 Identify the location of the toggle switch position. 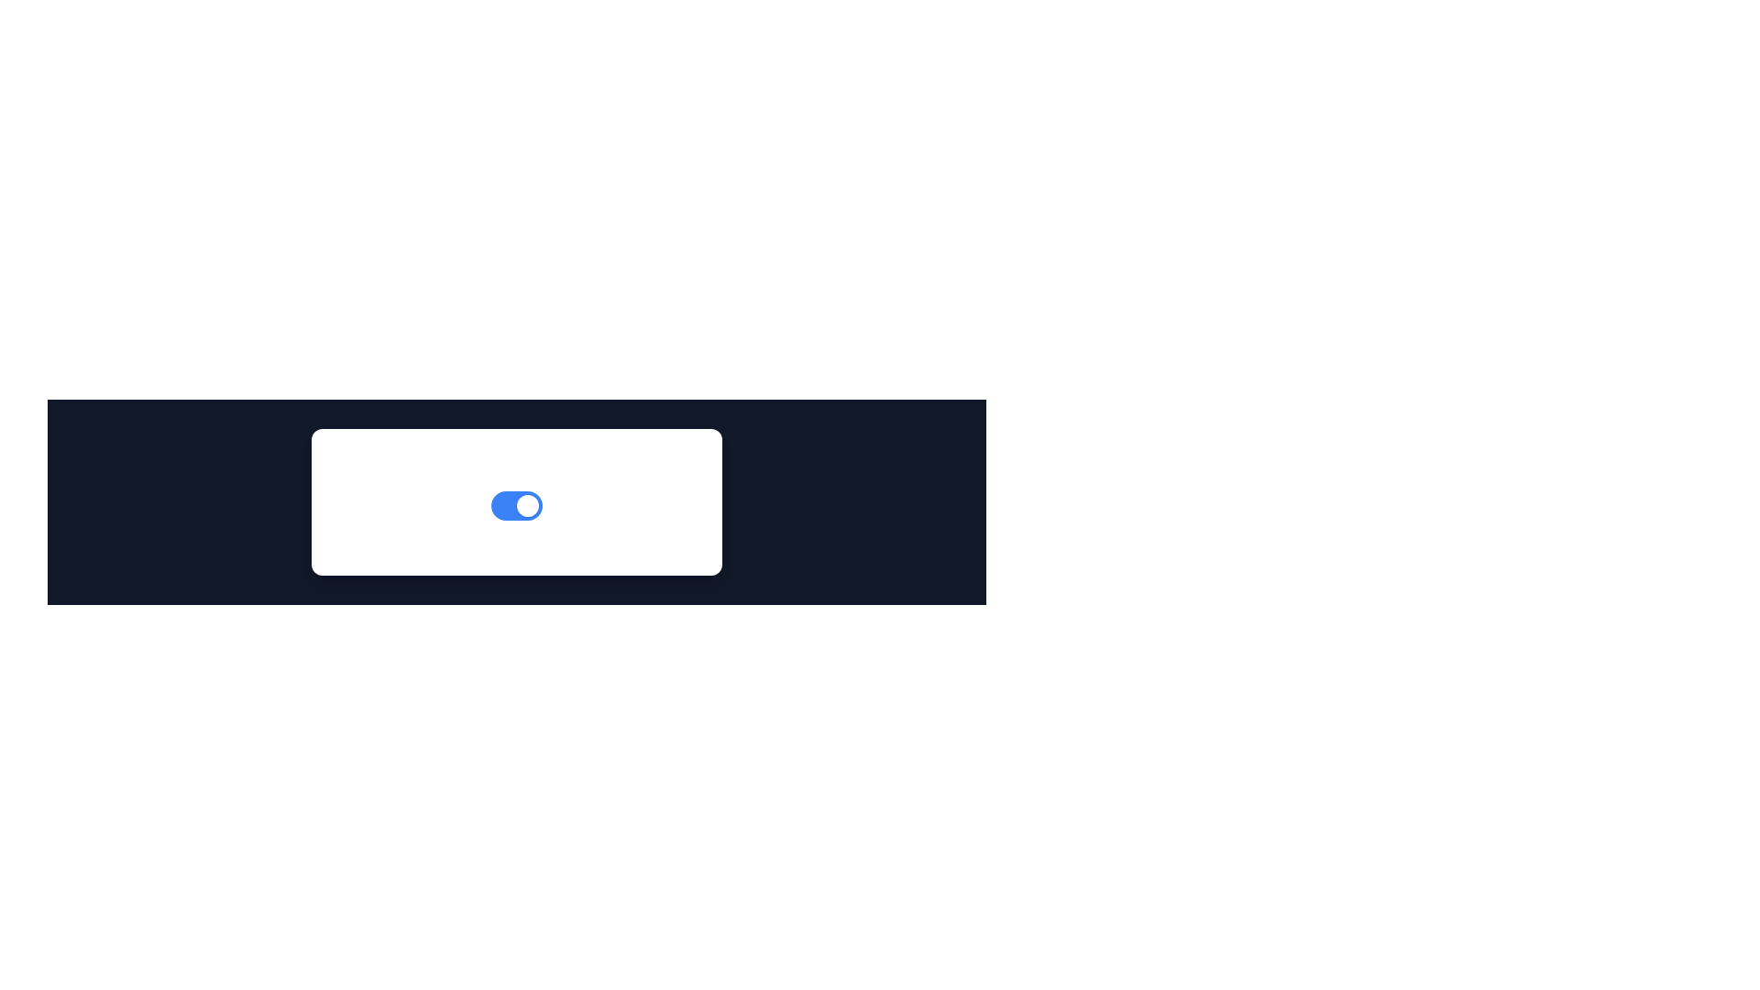
(522, 505).